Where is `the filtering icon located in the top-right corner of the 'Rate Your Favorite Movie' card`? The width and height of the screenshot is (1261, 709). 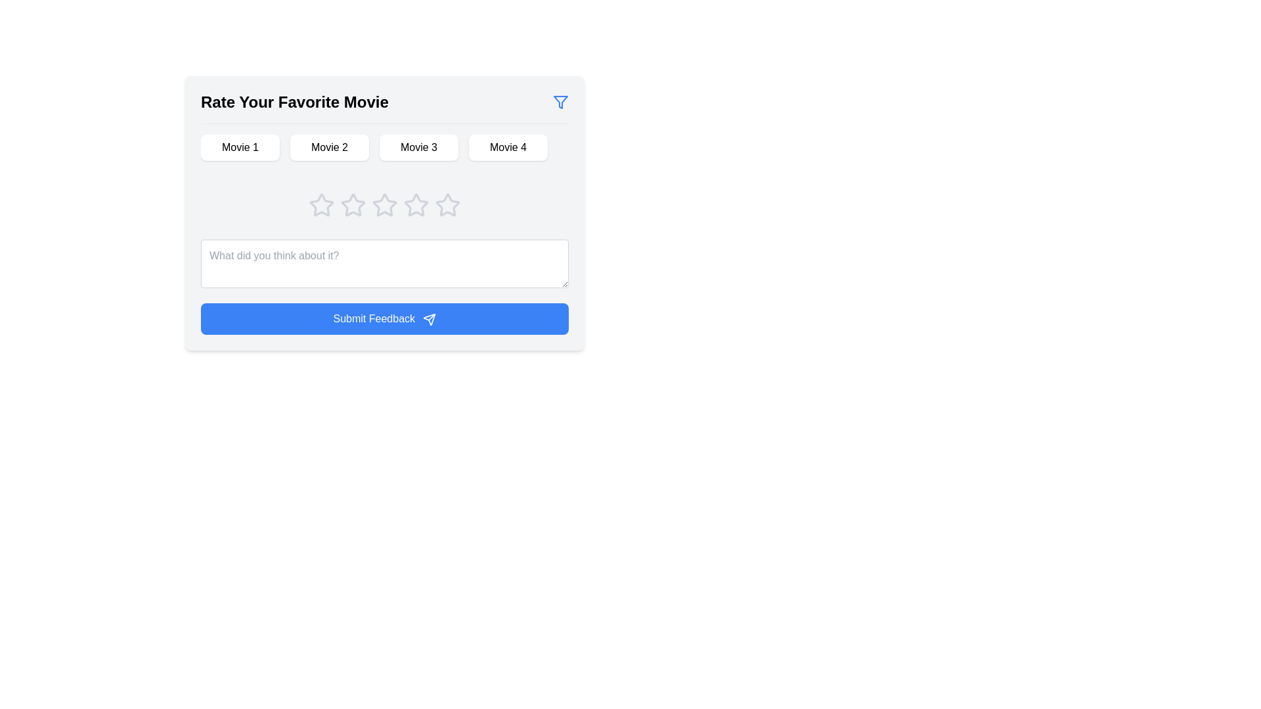
the filtering icon located in the top-right corner of the 'Rate Your Favorite Movie' card is located at coordinates (561, 101).